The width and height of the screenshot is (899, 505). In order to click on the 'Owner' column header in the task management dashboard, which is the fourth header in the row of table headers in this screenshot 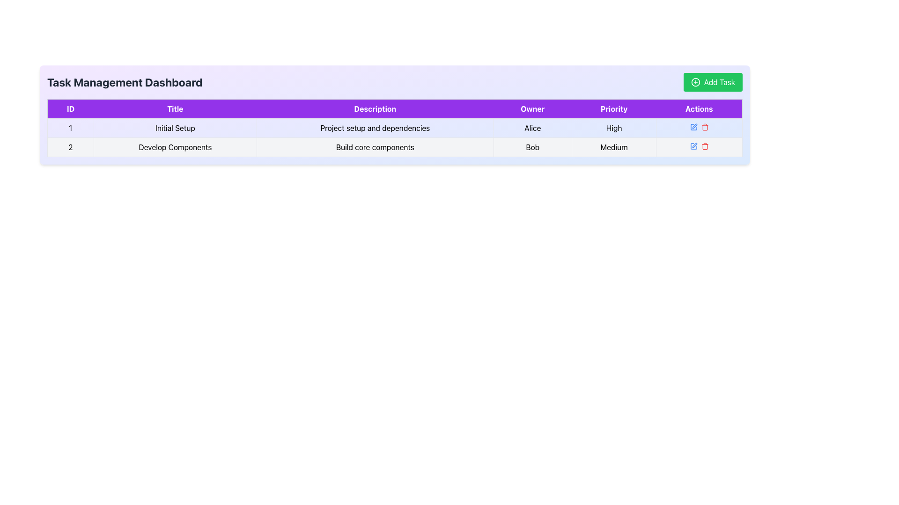, I will do `click(532, 108)`.